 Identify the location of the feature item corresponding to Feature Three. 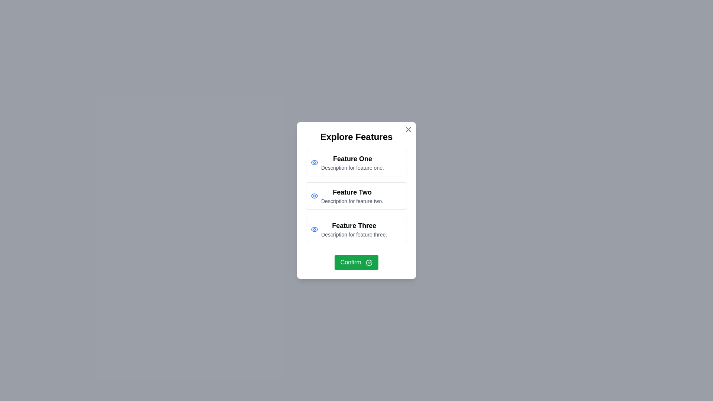
(356, 229).